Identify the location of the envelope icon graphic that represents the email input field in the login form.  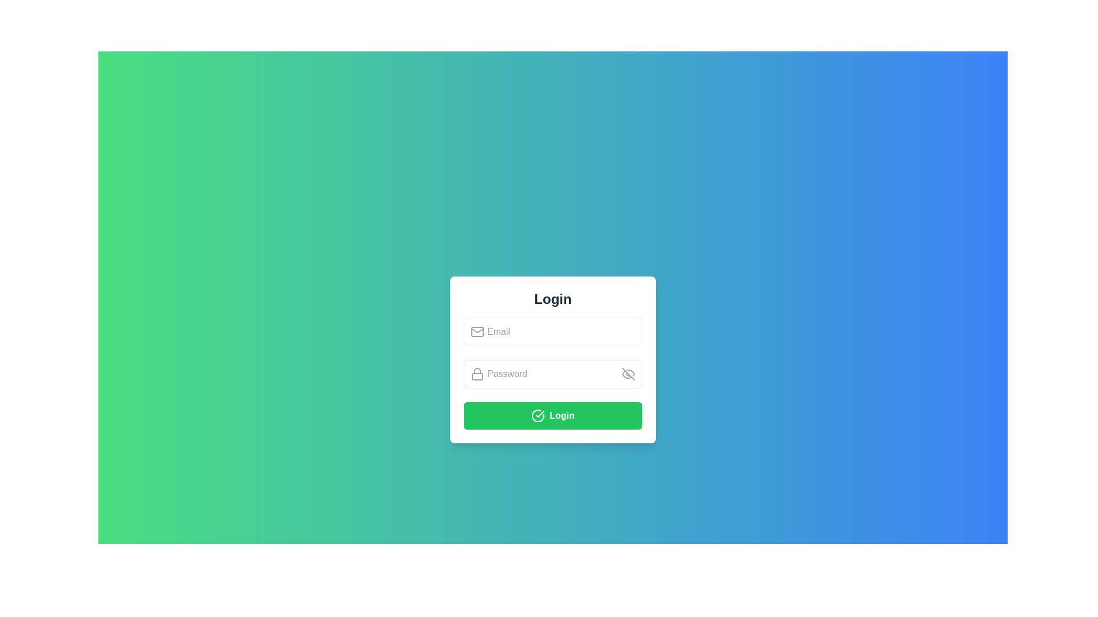
(478, 330).